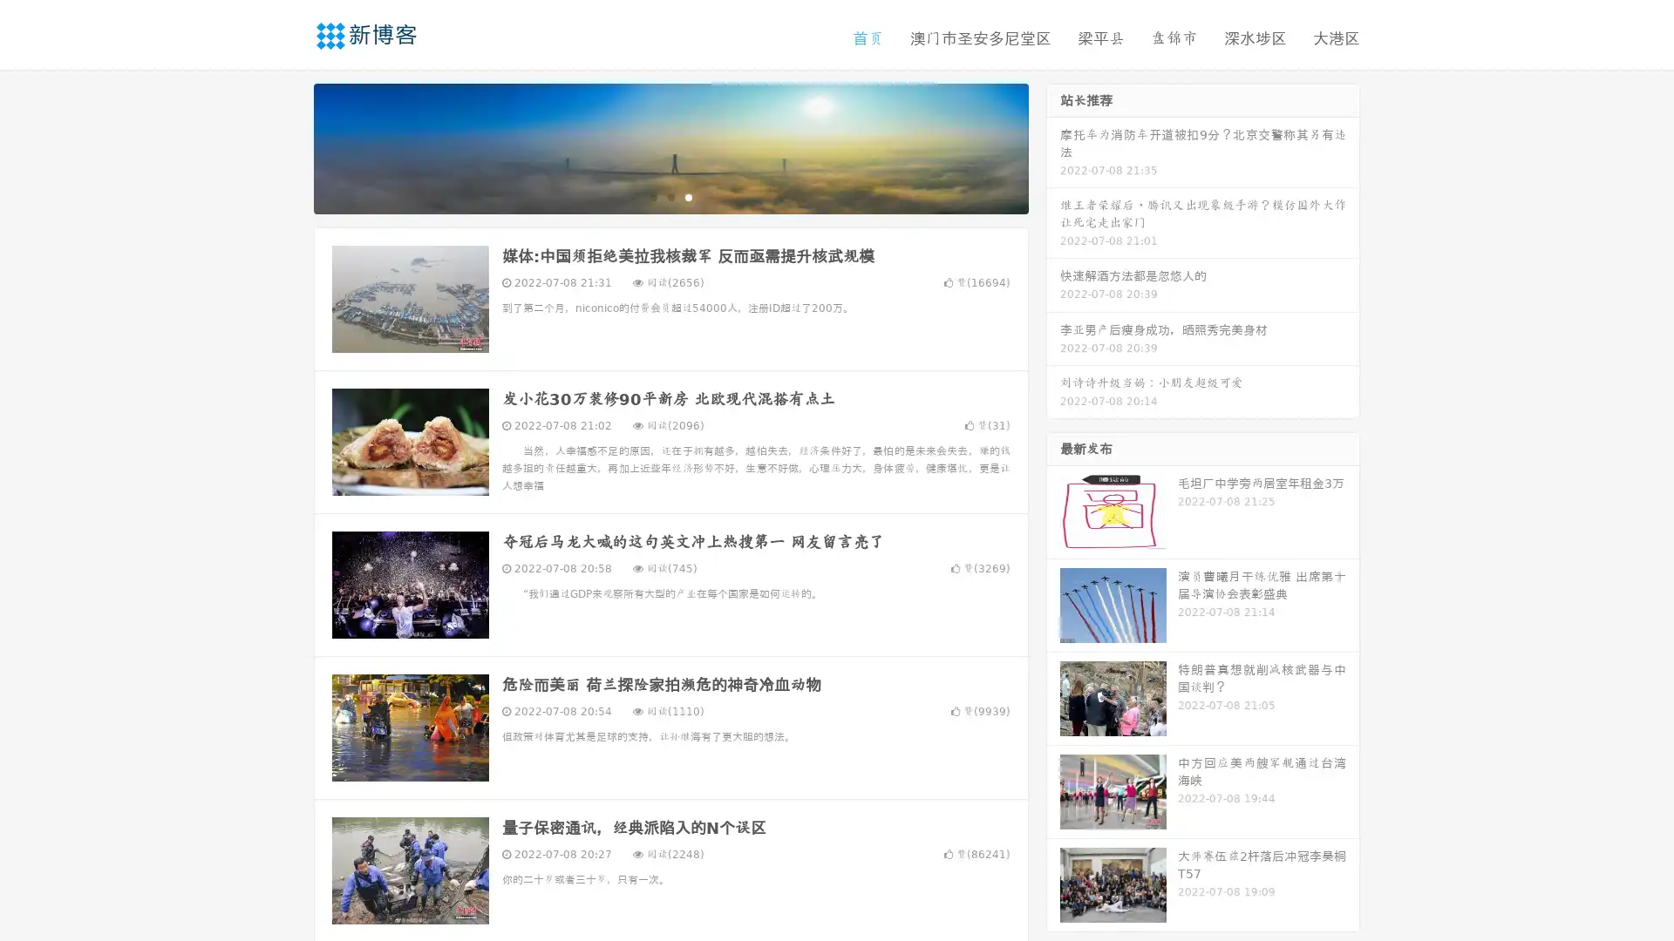 This screenshot has height=941, width=1674. What do you see at coordinates (688, 196) in the screenshot?
I see `Go to slide 3` at bounding box center [688, 196].